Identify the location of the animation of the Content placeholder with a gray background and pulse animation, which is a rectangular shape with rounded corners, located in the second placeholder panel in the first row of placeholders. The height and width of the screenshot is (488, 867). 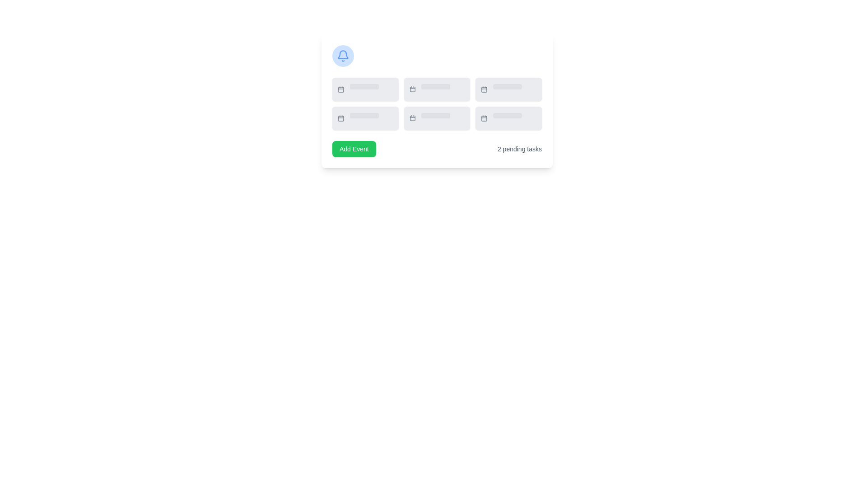
(371, 89).